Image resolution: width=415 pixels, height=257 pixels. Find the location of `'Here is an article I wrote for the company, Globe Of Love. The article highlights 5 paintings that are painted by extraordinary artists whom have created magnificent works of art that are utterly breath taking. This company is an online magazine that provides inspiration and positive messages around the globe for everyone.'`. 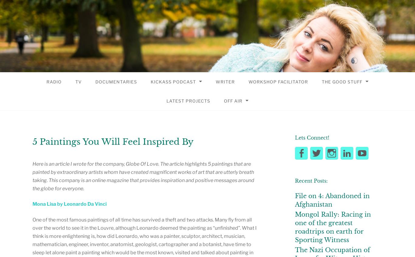

'Here is an article I wrote for the company, Globe Of Love. The article highlights 5 paintings that are painted by extraordinary artists whom have created magnificent works of art that are utterly breath taking. This company is an online magazine that provides inspiration and positive messages around the globe for everyone.' is located at coordinates (143, 176).